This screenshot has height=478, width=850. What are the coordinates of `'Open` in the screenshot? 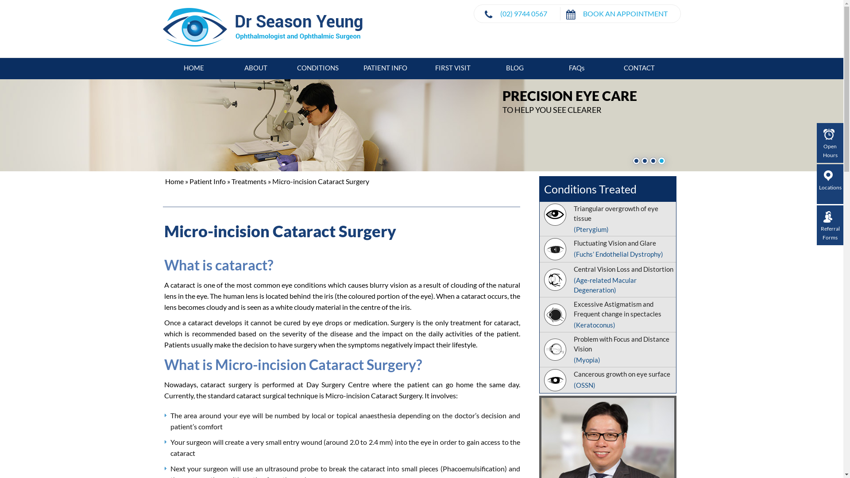 It's located at (830, 144).